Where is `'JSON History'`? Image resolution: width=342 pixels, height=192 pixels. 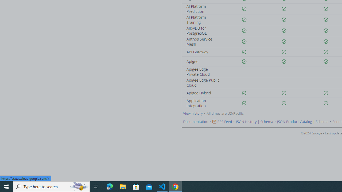
'JSON History' is located at coordinates (246, 122).